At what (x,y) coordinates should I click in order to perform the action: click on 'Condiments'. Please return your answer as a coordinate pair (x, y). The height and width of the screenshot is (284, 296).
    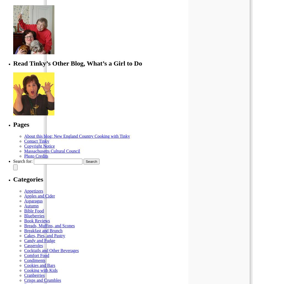
    Looking at the image, I should click on (24, 260).